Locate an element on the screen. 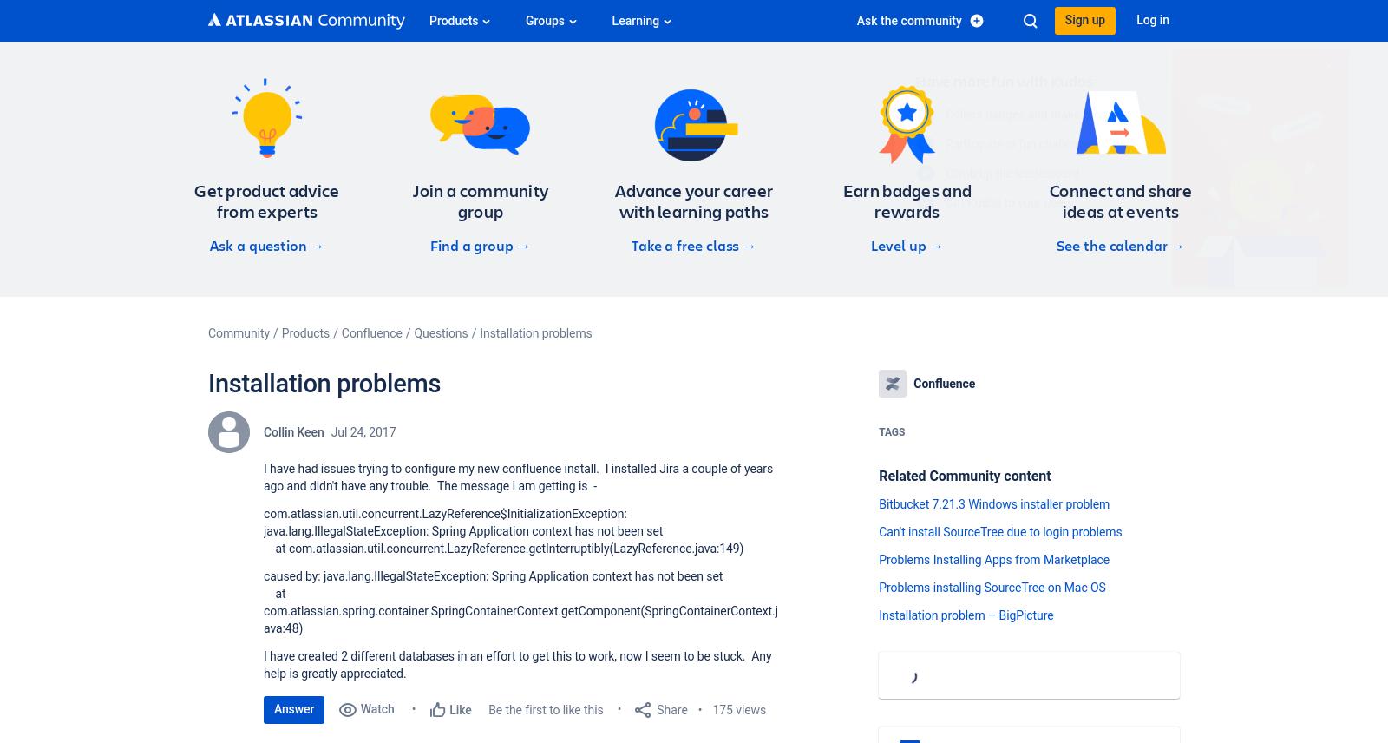  'Collect badges and make progress' is located at coordinates (870, 113).